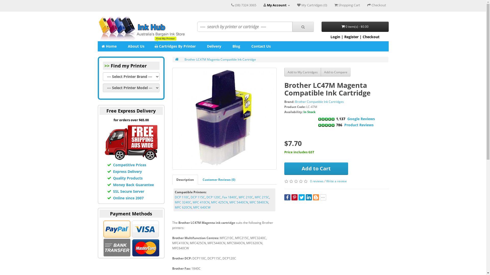 The image size is (490, 275). Describe the element at coordinates (183, 207) in the screenshot. I see `'MFC 620CN'` at that location.